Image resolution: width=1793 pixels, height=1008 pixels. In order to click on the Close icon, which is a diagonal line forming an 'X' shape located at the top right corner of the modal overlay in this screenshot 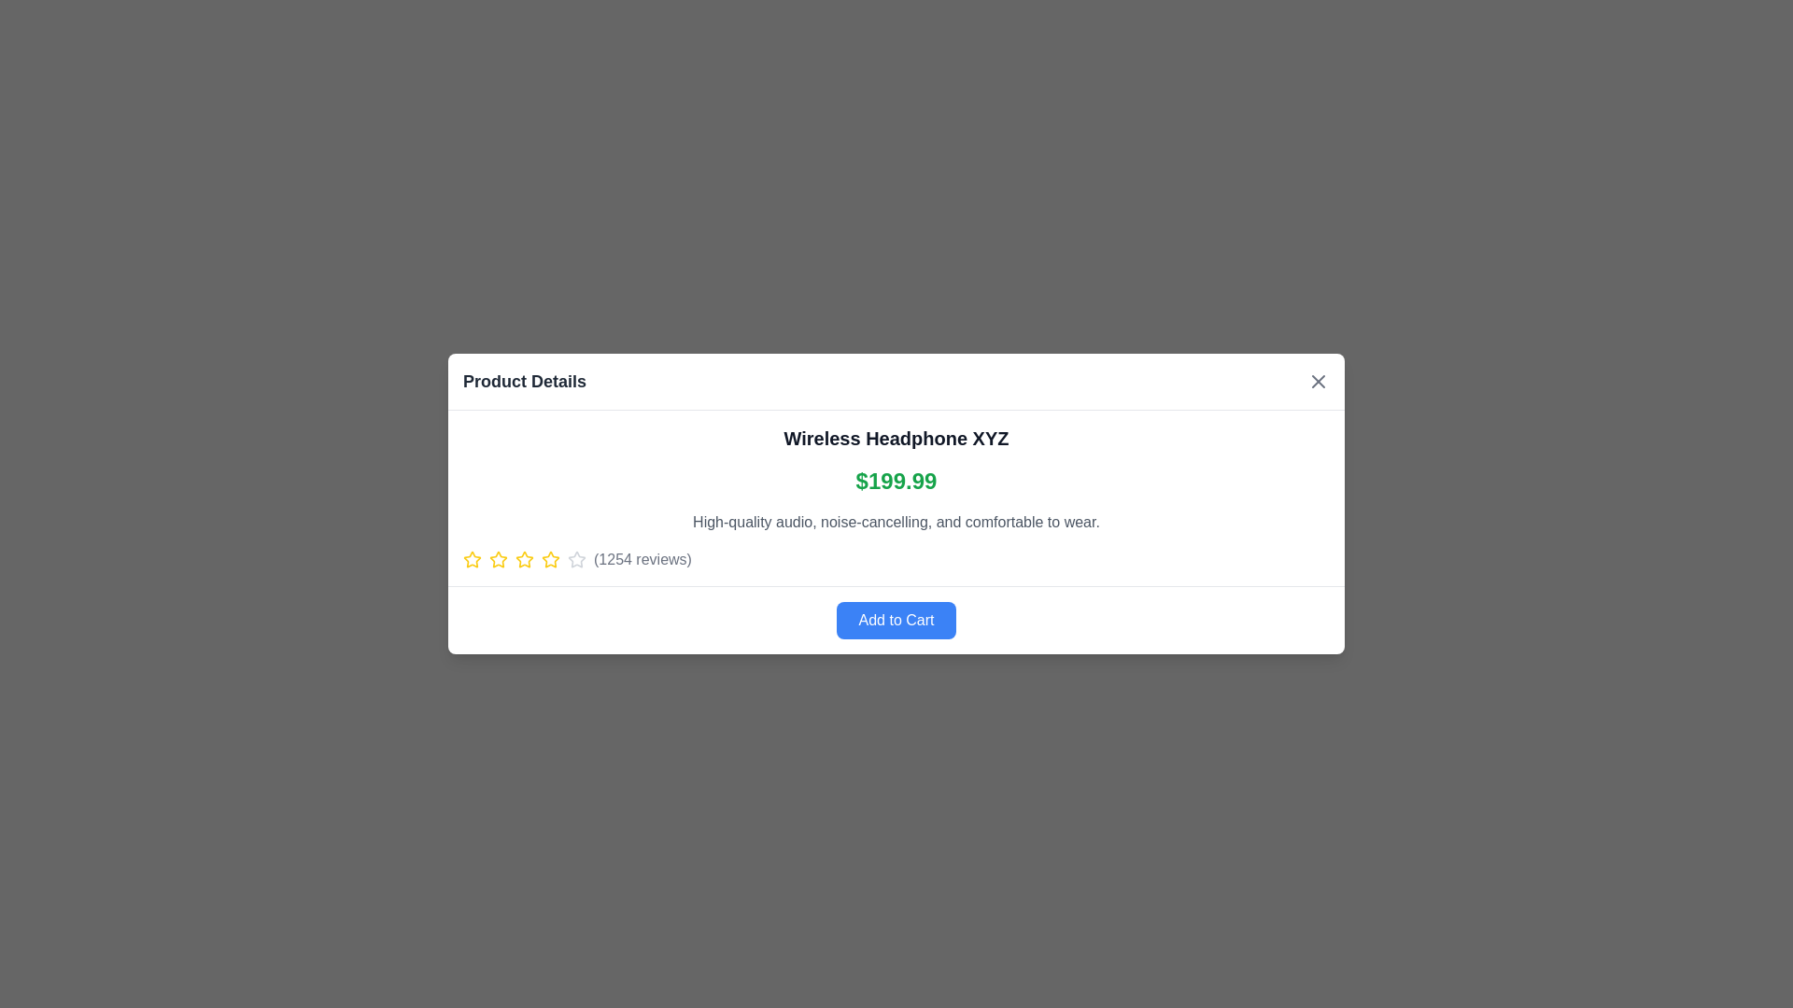, I will do `click(1317, 380)`.